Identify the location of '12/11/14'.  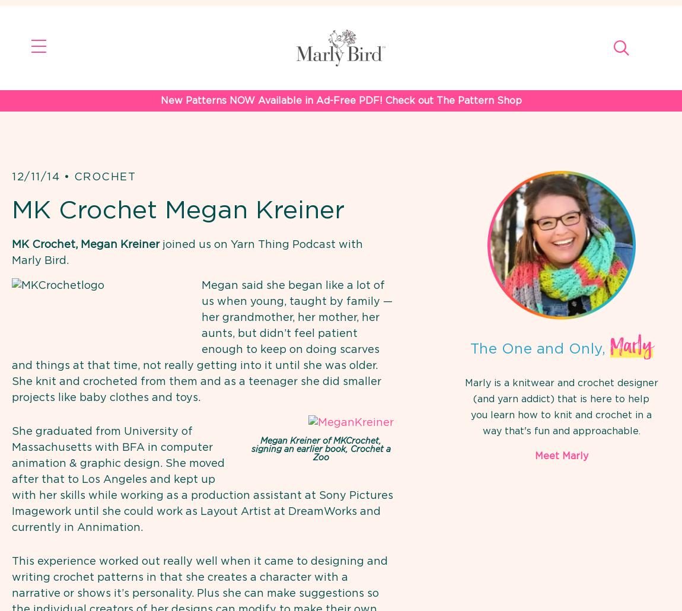
(35, 177).